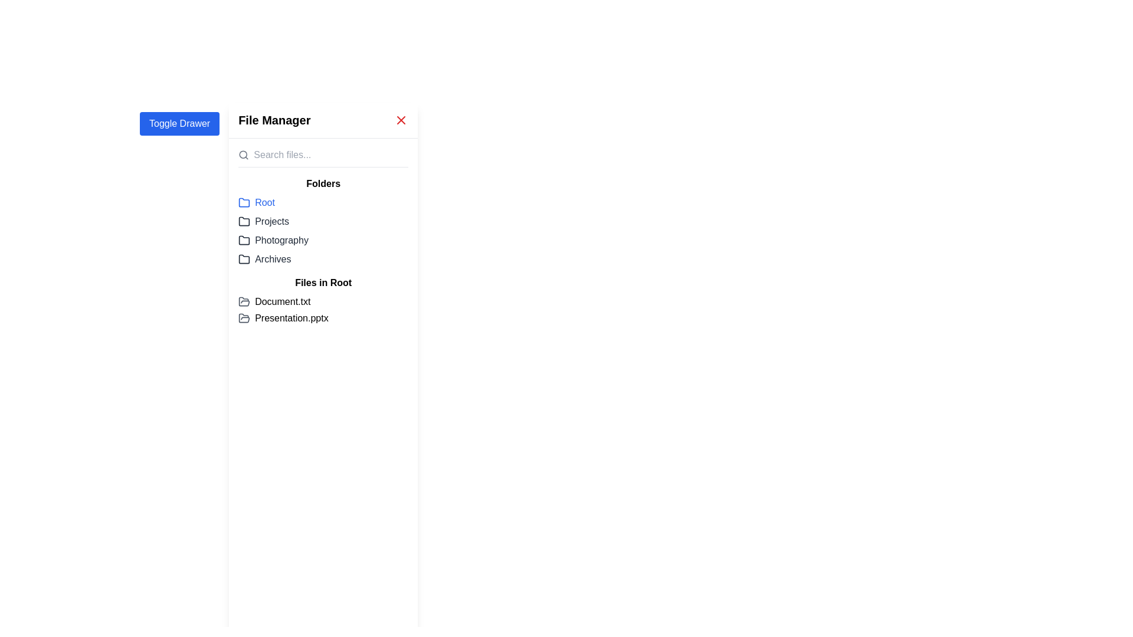 The width and height of the screenshot is (1133, 637). I want to click on the folder icon representing the file 'Presentation.pptx' to highlight it, so click(244, 318).